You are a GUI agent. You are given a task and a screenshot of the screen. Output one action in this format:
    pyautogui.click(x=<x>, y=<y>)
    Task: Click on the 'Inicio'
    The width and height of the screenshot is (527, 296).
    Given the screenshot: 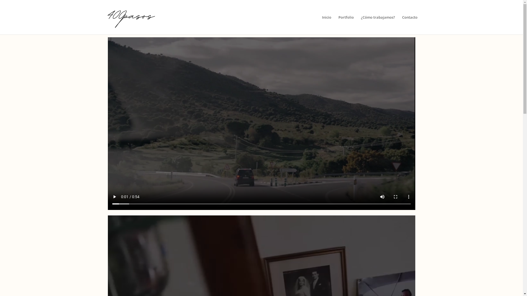 What is the action you would take?
    pyautogui.click(x=327, y=25)
    